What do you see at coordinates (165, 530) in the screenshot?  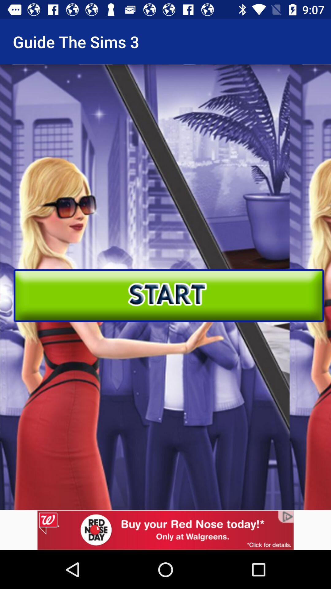 I see `advertisement page` at bounding box center [165, 530].